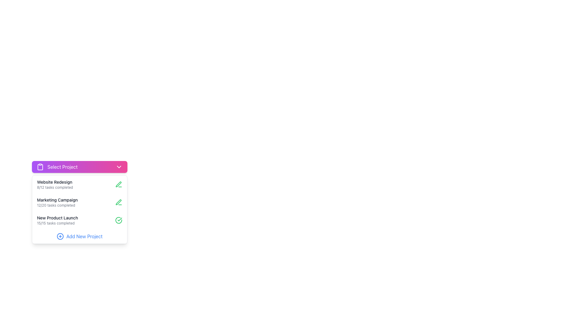 The width and height of the screenshot is (573, 322). Describe the element at coordinates (55, 187) in the screenshot. I see `the text label indicating the progress of the 'Website Redesign' project, which shows that 8 out of 12 tasks are completed` at that location.